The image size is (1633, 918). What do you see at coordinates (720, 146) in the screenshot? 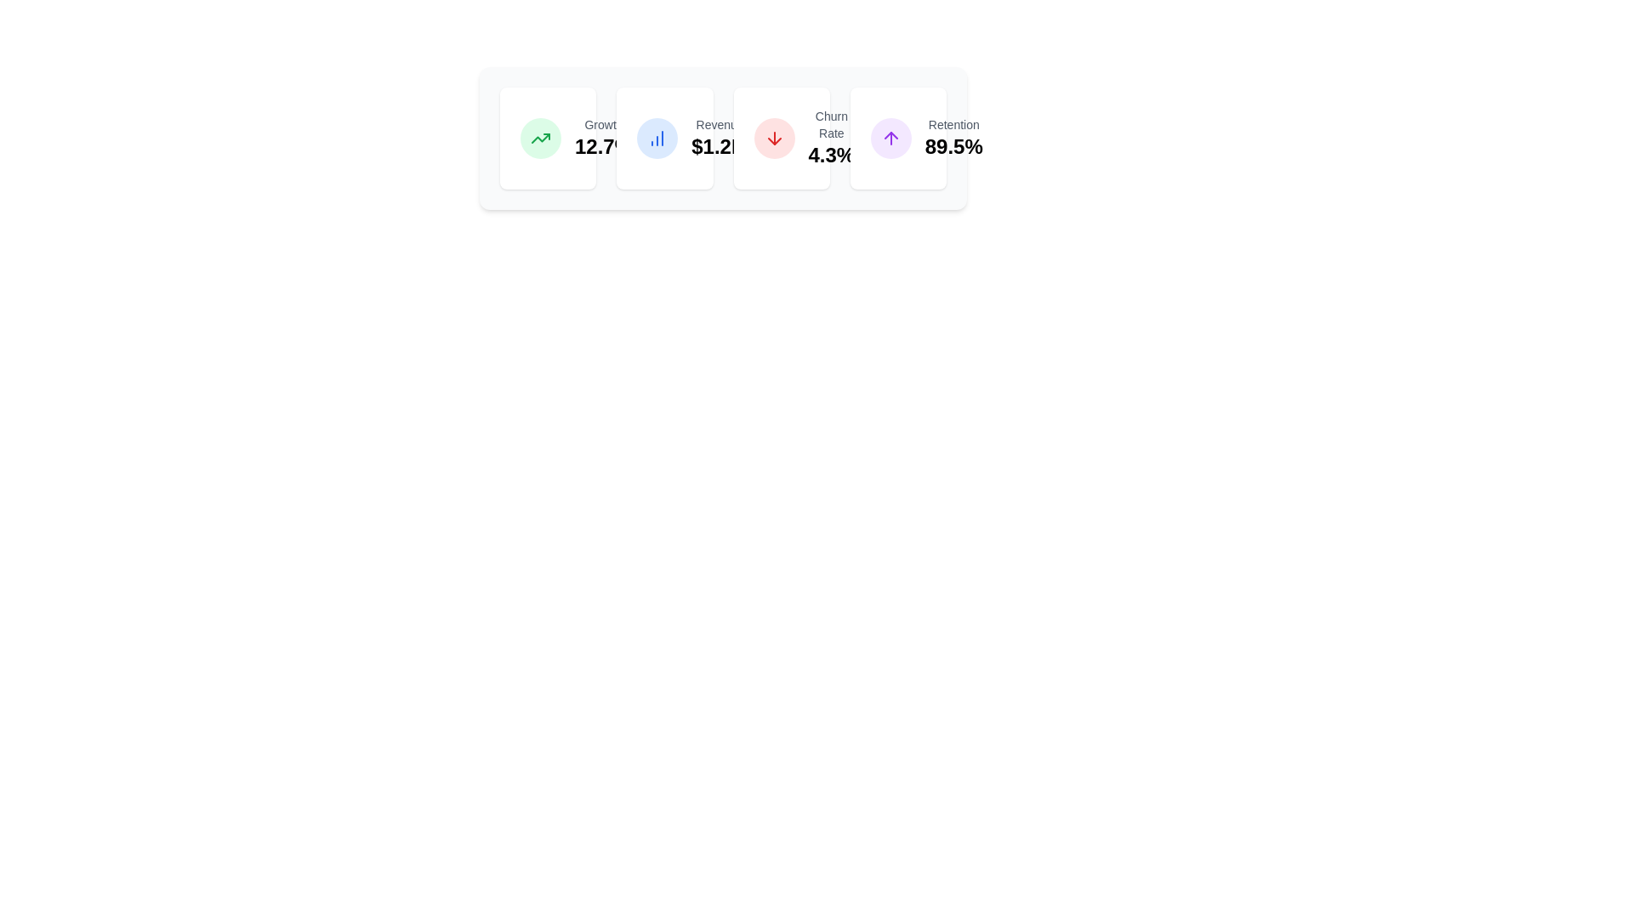
I see `the revenue value displayed in the text label located under the 'Revenue' label within the second card of a four-card horizontal layout` at bounding box center [720, 146].